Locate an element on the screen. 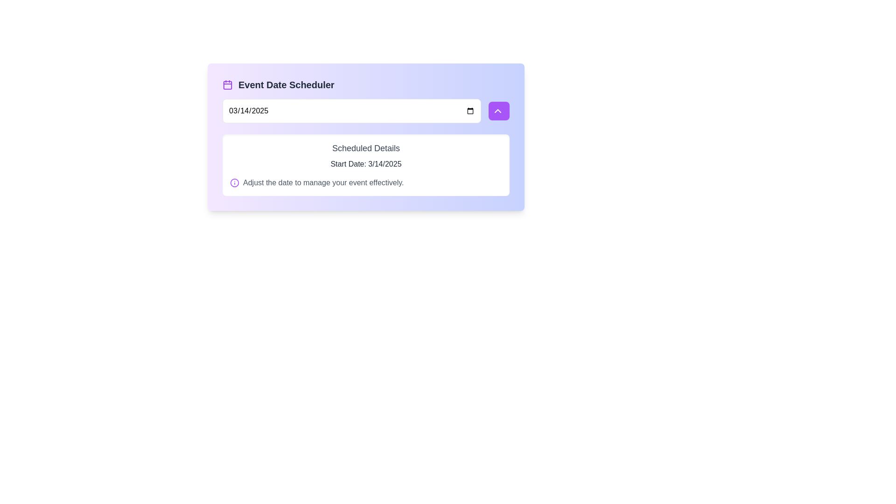  the Text label at the top of the card-like interface, which serves as a title or heading, located to the right of a purple calendar icon is located at coordinates (286, 84).